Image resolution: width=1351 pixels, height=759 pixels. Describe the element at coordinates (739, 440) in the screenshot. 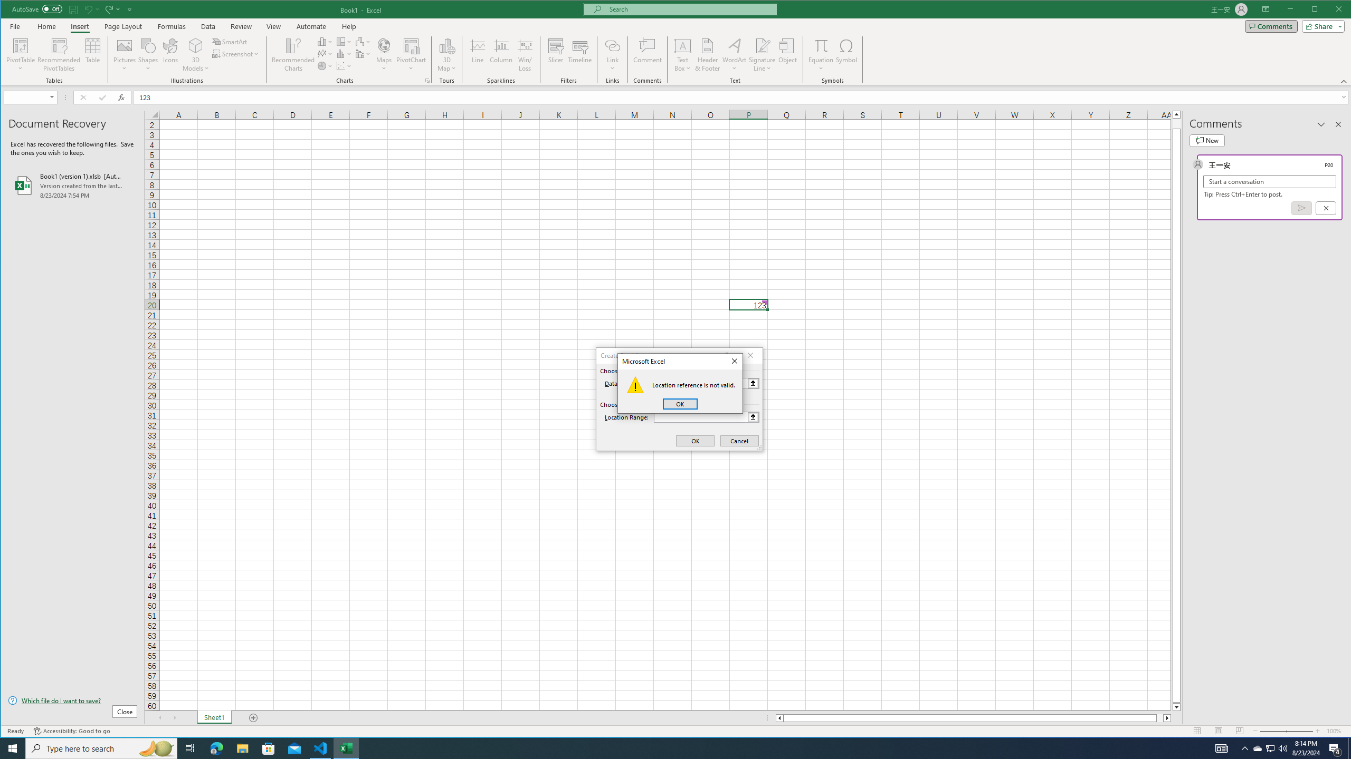

I see `'Cancel'` at that location.